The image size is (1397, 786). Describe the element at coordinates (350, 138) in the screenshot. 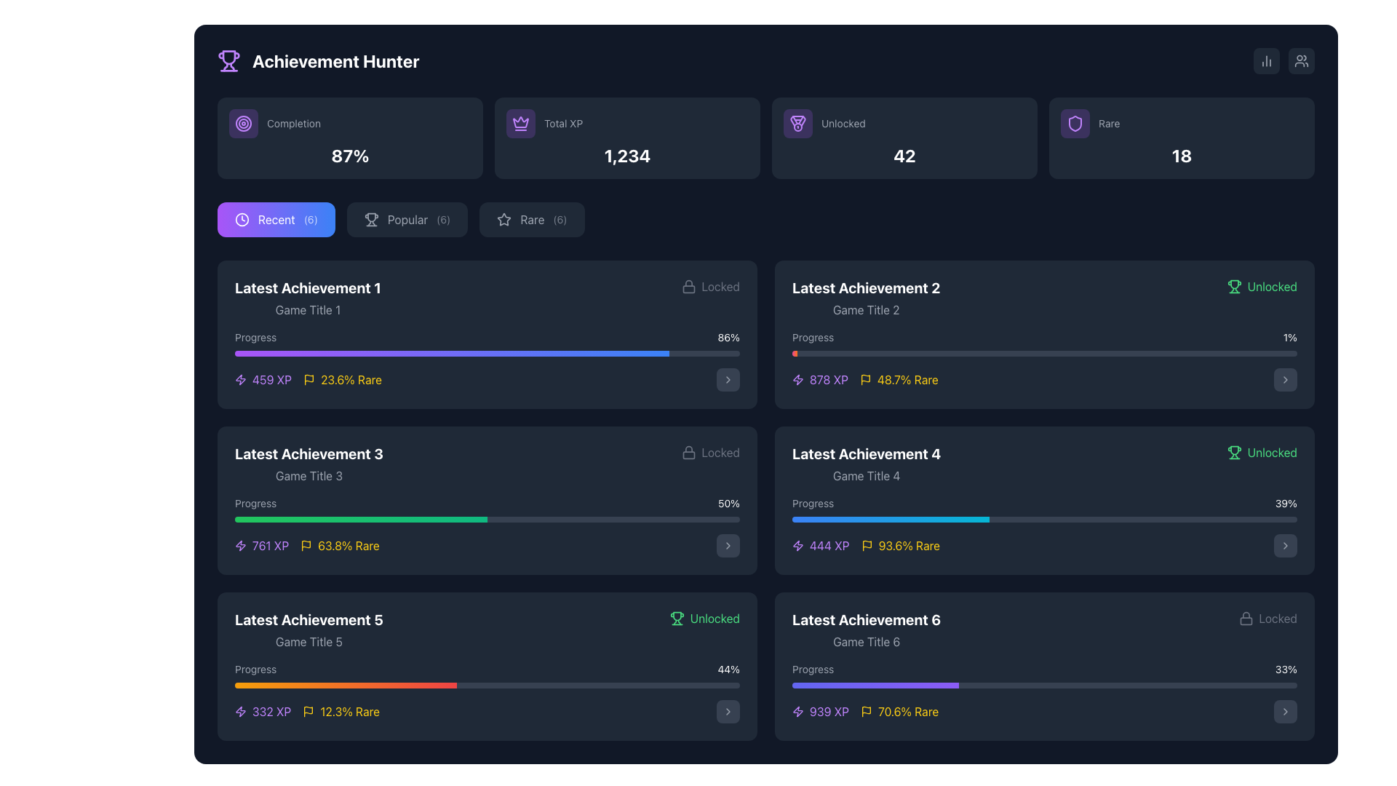

I see `the Information card in the top-left corner of the grid layout` at that location.